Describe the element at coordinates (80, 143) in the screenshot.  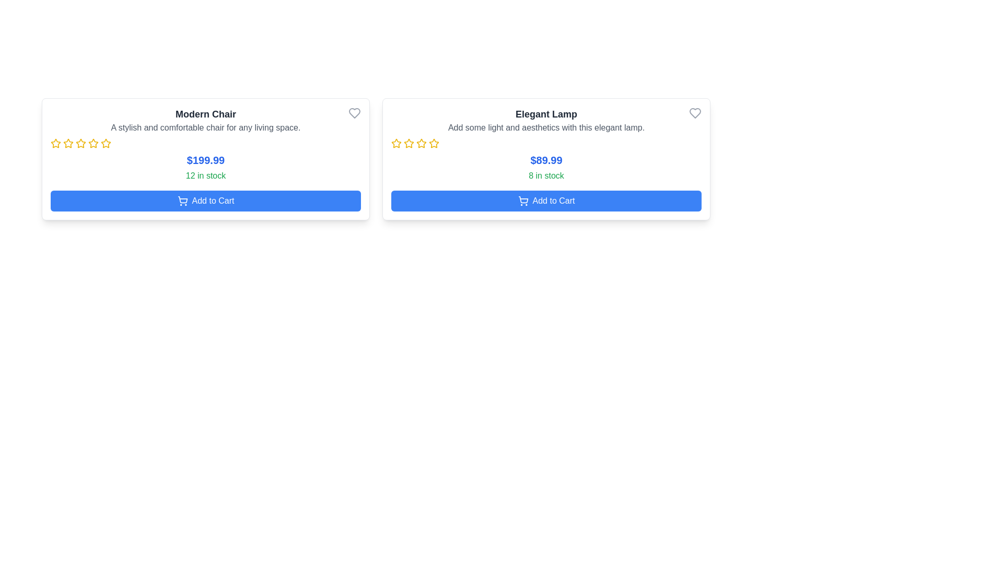
I see `the second star in the rating system below the 'Modern Chair' product description` at that location.